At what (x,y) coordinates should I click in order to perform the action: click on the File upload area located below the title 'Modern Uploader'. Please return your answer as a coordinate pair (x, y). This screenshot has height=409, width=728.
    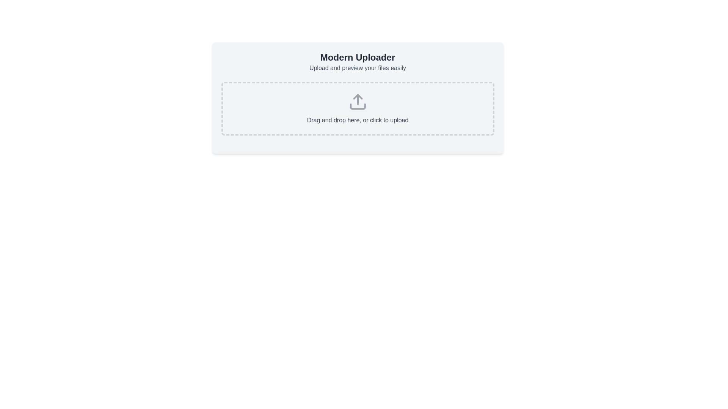
    Looking at the image, I should click on (357, 108).